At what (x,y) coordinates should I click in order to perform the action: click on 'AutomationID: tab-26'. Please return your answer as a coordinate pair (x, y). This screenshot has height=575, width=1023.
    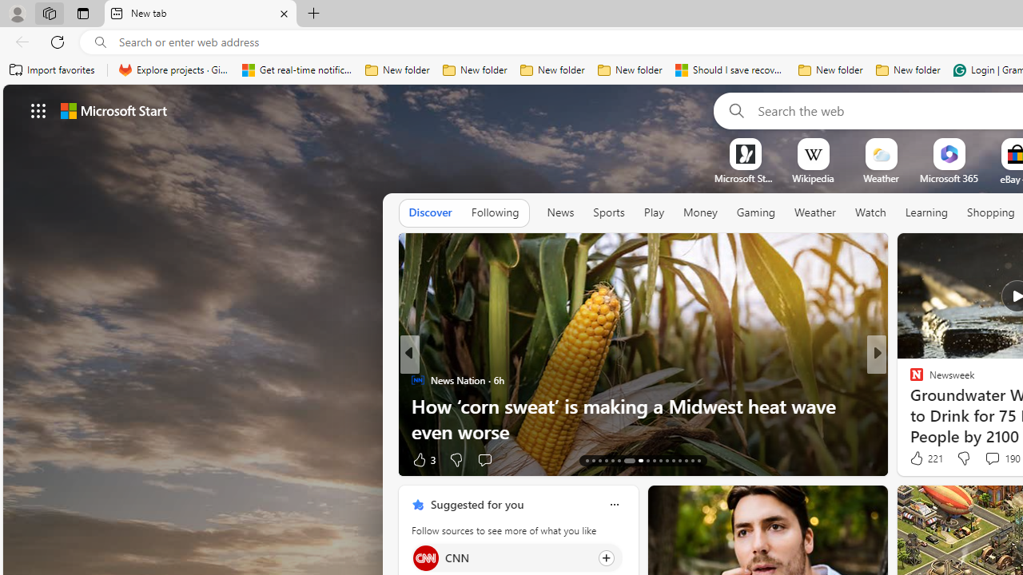
    Looking at the image, I should click on (679, 461).